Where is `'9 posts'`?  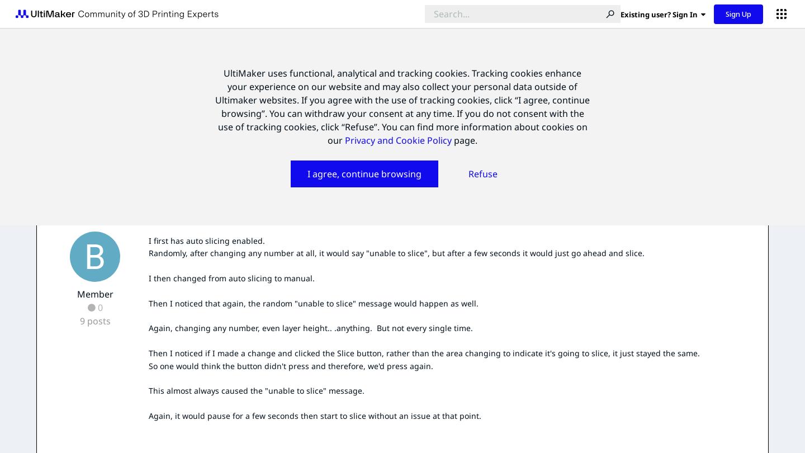
'9 posts' is located at coordinates (94, 320).